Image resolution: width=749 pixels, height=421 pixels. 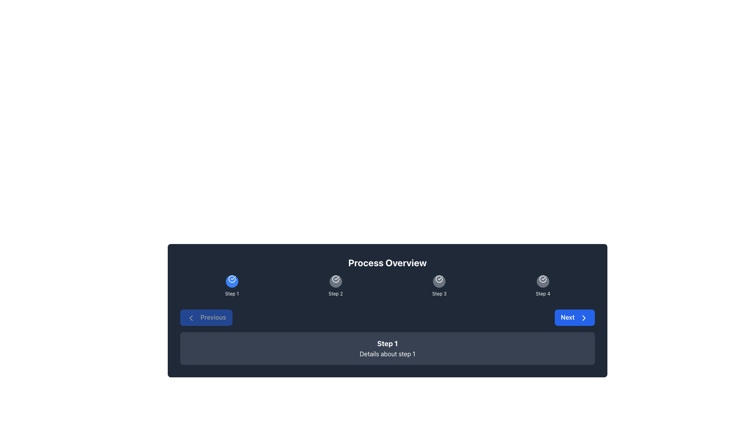 I want to click on the text label that reads 'Step 2' which is styled with light gray text on a dark background, located centrally beneath its corresponding circular icon in the process overview component, so click(x=335, y=294).